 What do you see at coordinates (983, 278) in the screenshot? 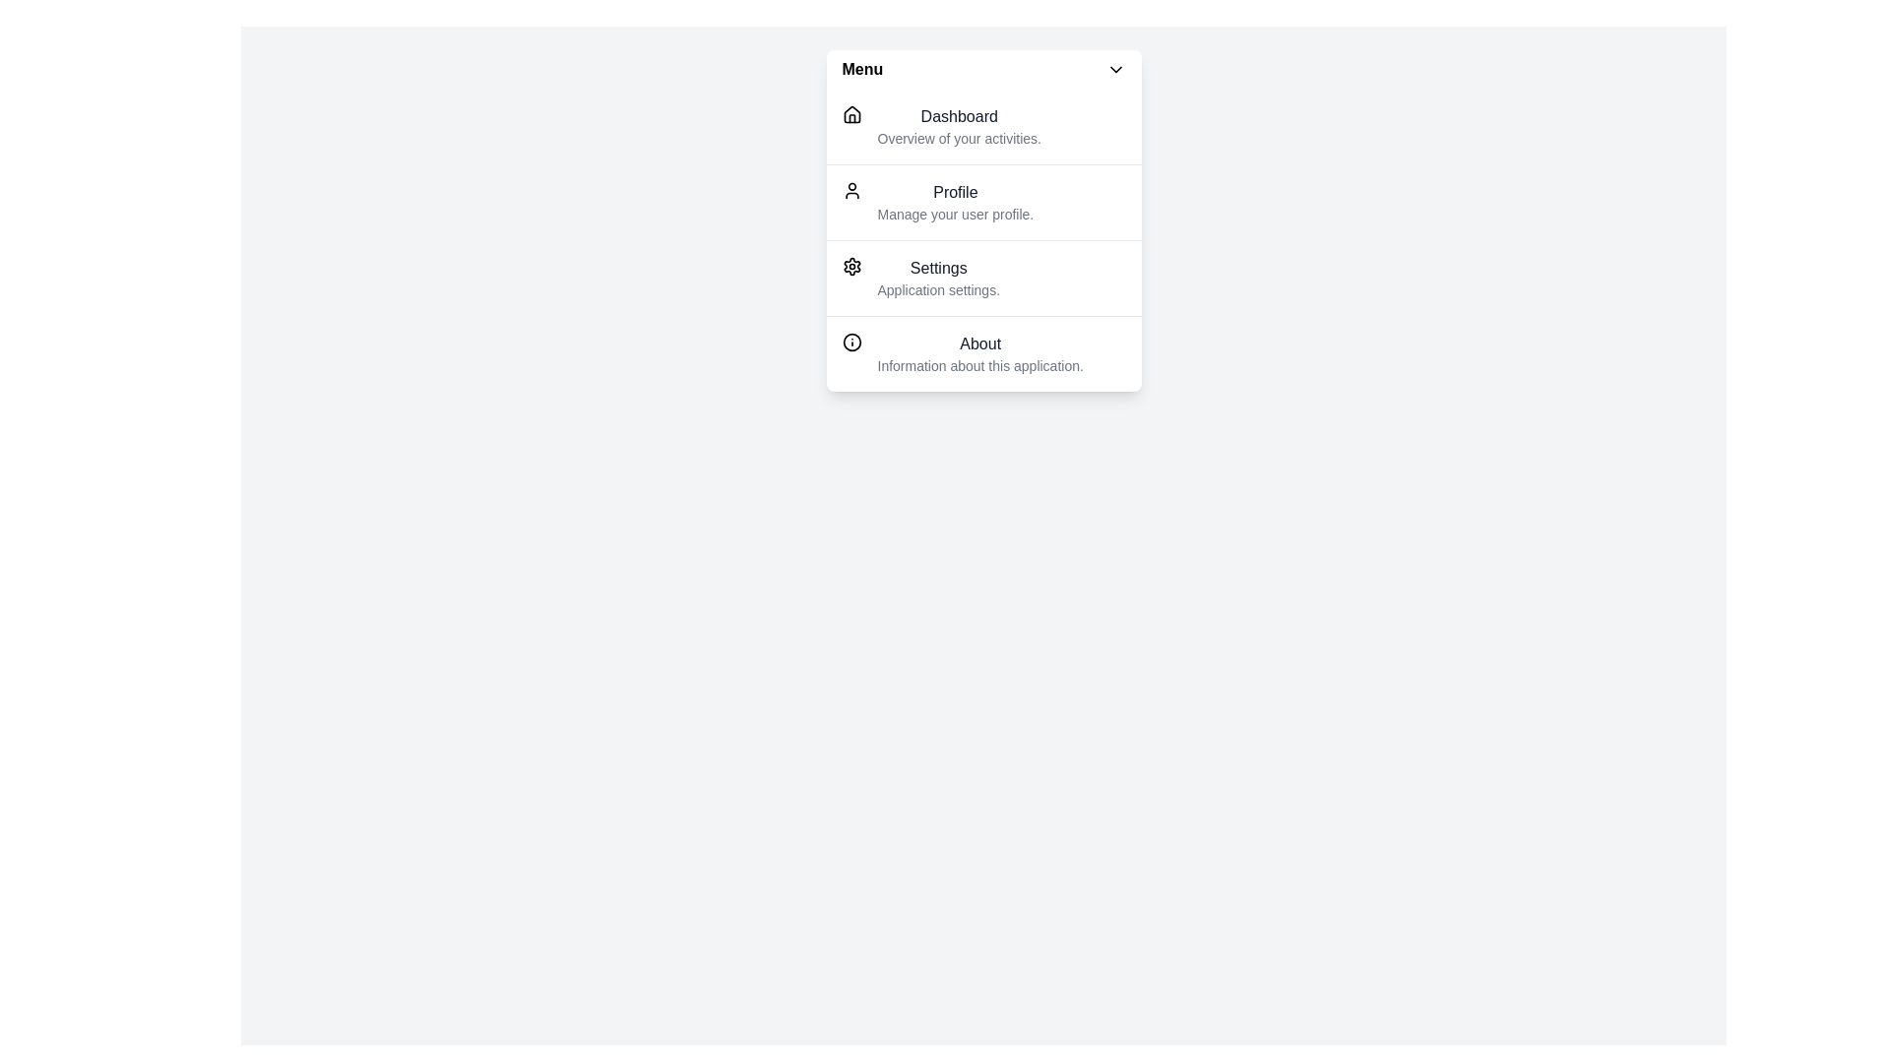
I see `the menu item labeled Settings` at bounding box center [983, 278].